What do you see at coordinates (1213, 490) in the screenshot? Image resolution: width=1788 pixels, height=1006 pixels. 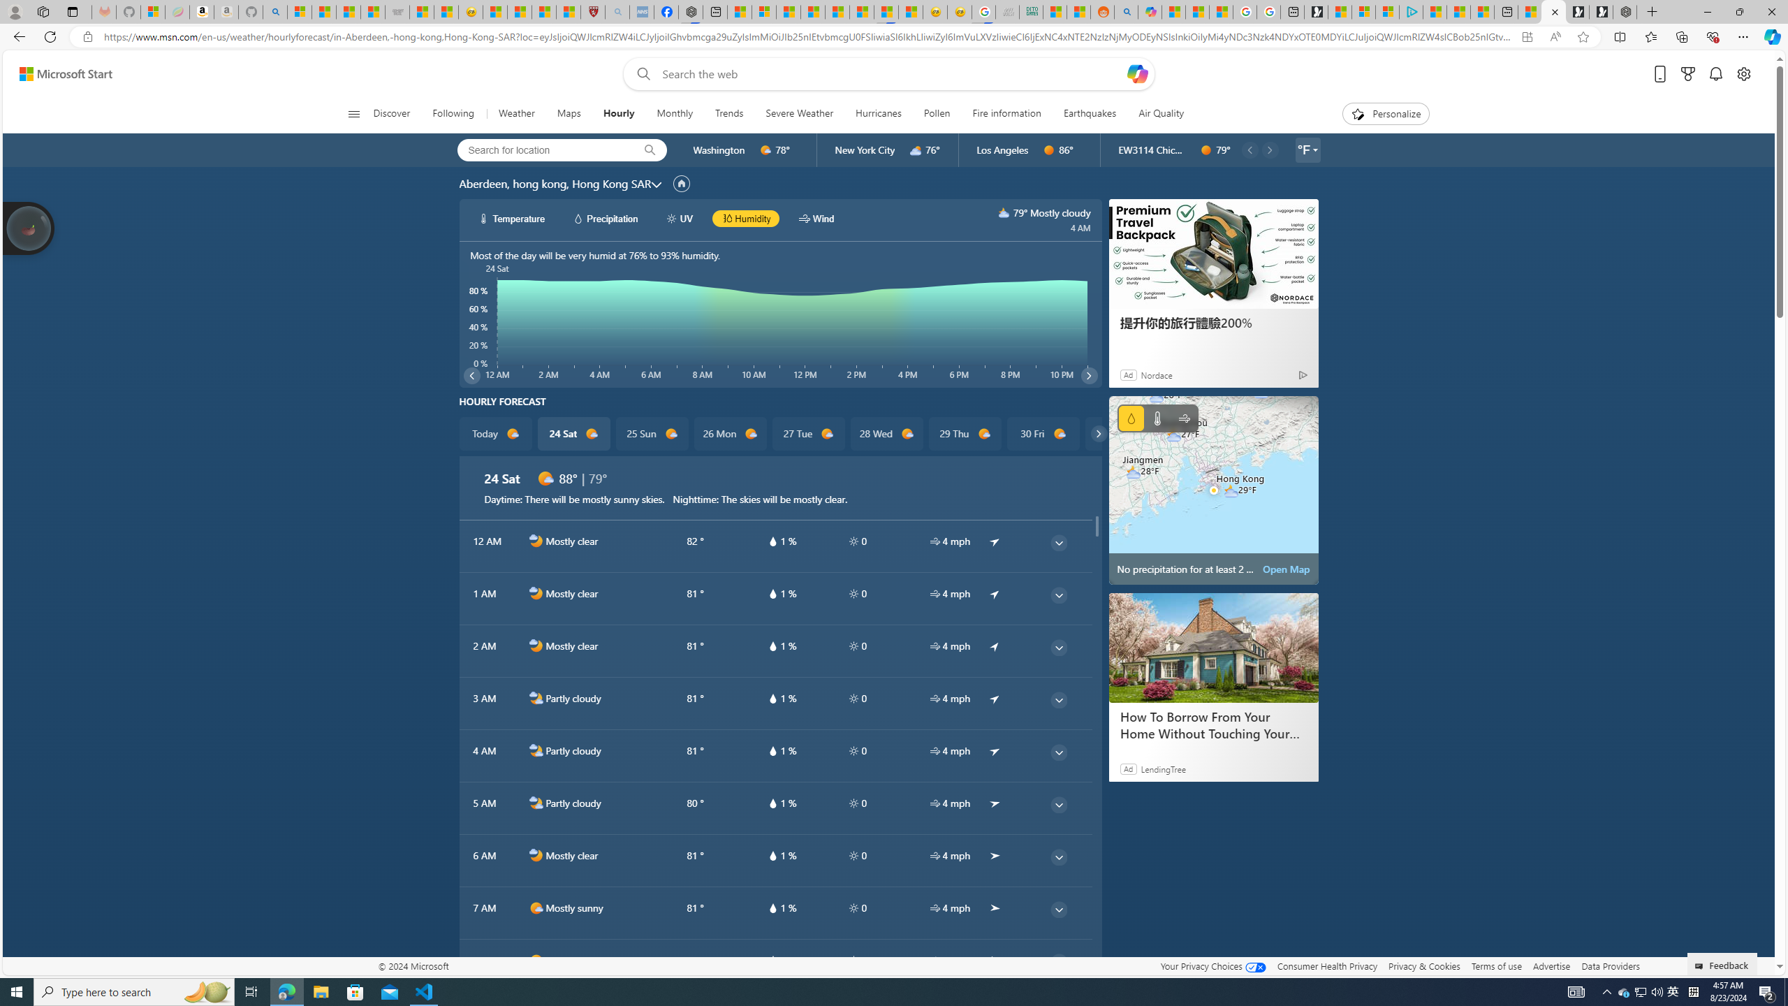 I see `'No precipitation for at least 2 hours'` at bounding box center [1213, 490].